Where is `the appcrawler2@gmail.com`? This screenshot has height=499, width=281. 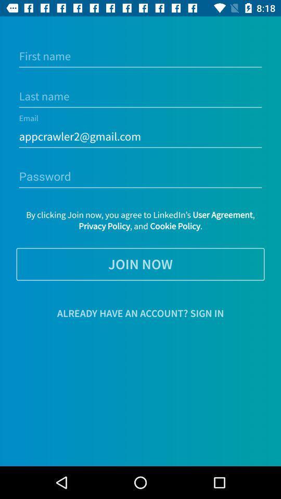 the appcrawler2@gmail.com is located at coordinates (140, 136).